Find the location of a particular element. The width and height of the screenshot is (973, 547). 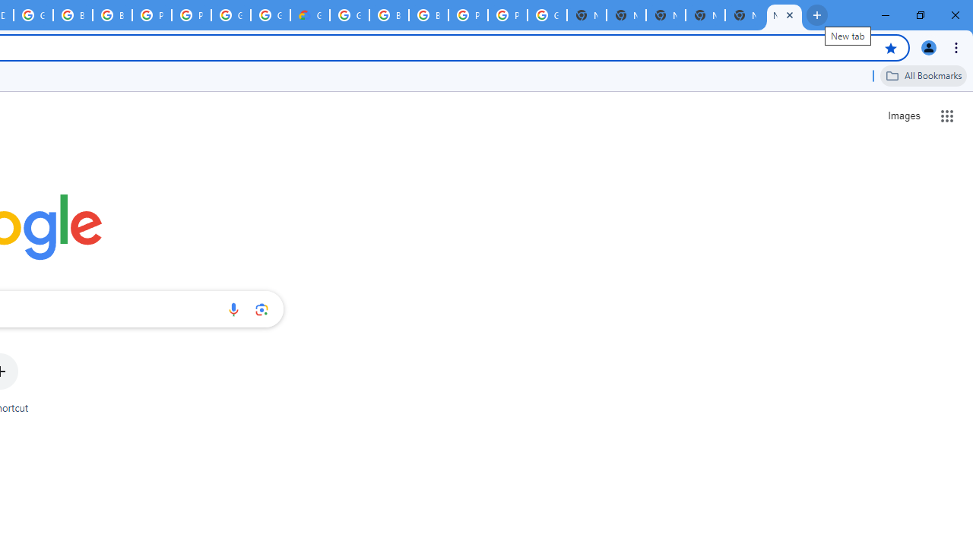

'All Bookmarks' is located at coordinates (923, 75).